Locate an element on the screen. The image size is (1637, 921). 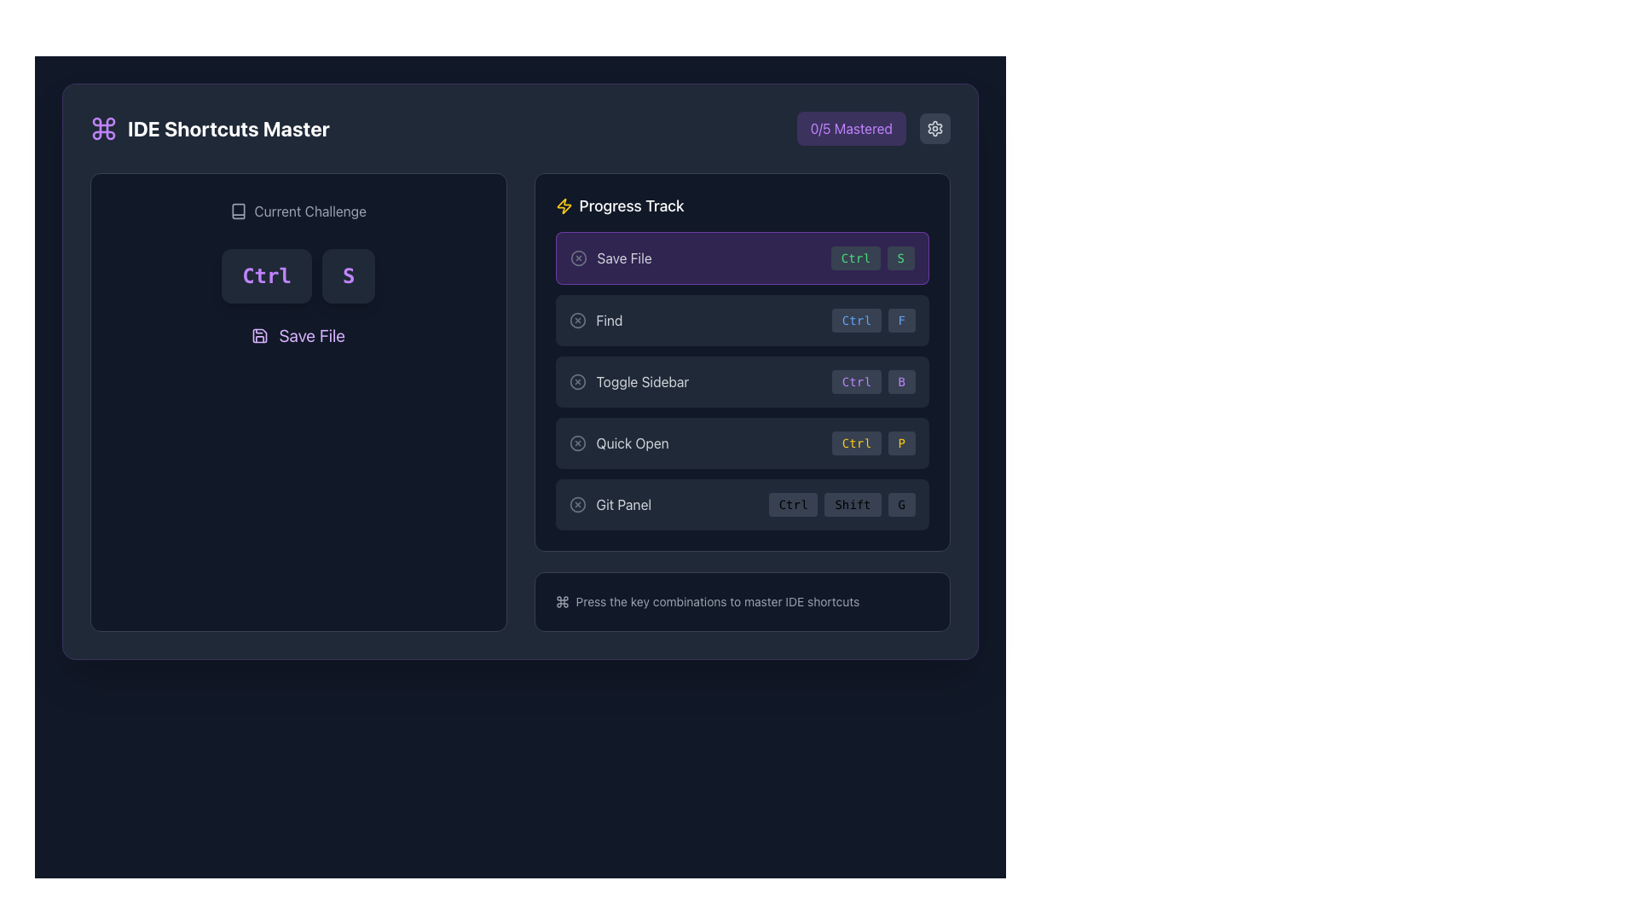
the circular icon with a cross that is the leftmost item in the 'Save File' entry of the 'Progress Track' list is located at coordinates (578, 258).